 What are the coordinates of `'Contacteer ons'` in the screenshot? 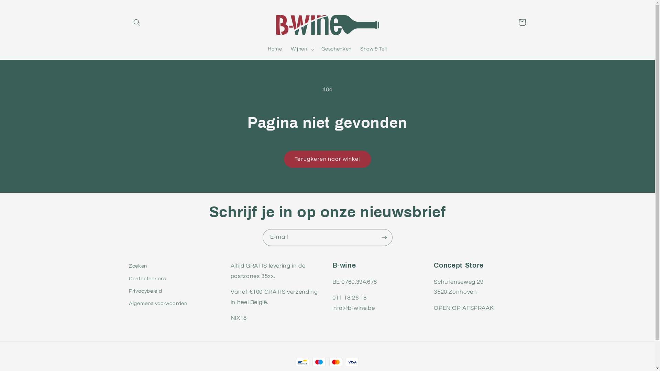 It's located at (147, 278).